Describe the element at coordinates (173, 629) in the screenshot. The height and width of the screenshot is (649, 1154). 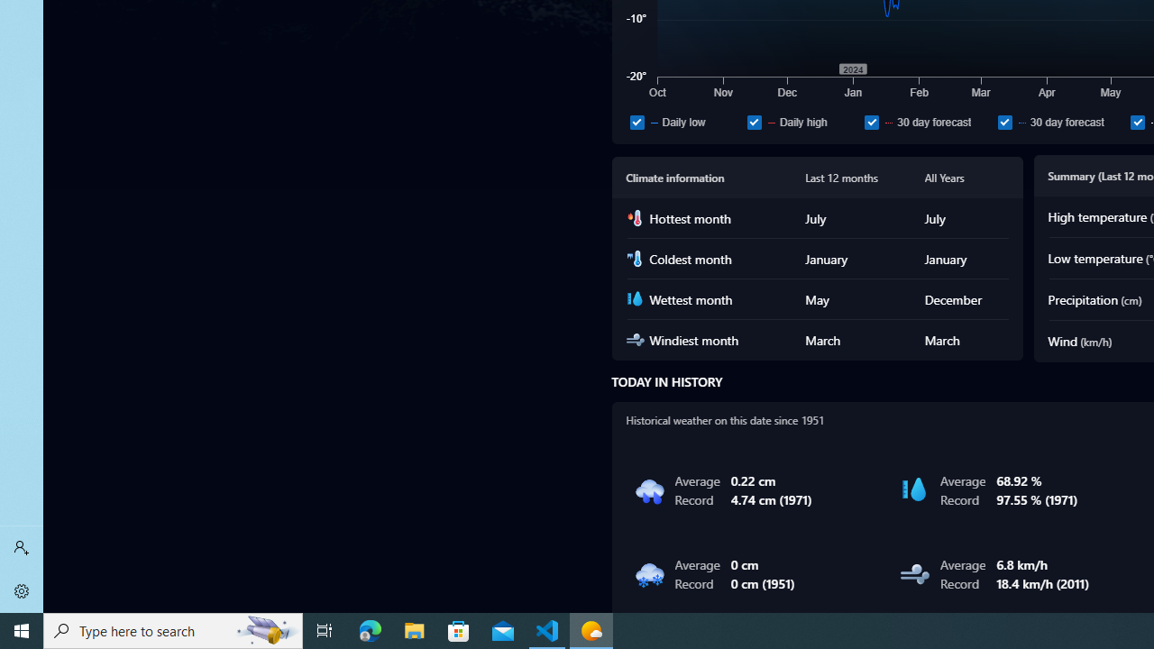
I see `'Type here to search'` at that location.